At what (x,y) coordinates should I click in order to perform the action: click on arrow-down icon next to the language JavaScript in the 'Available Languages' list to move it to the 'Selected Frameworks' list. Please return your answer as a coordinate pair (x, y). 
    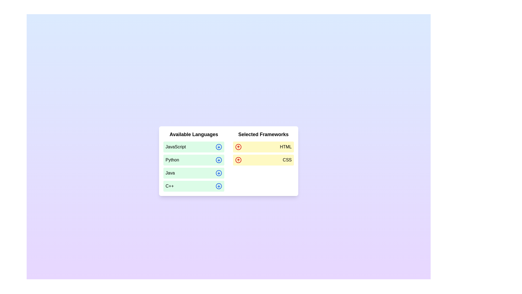
    Looking at the image, I should click on (219, 147).